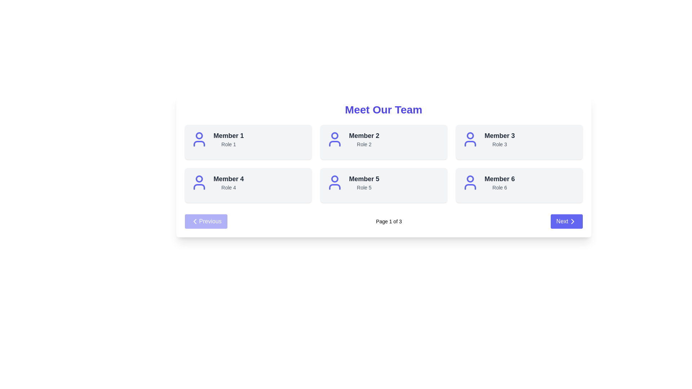 This screenshot has height=389, width=692. What do you see at coordinates (499, 182) in the screenshot?
I see `text information displayed in the Text Block that identifies a team member, located in the bottom-right position of a 2x3 grid layout` at bounding box center [499, 182].